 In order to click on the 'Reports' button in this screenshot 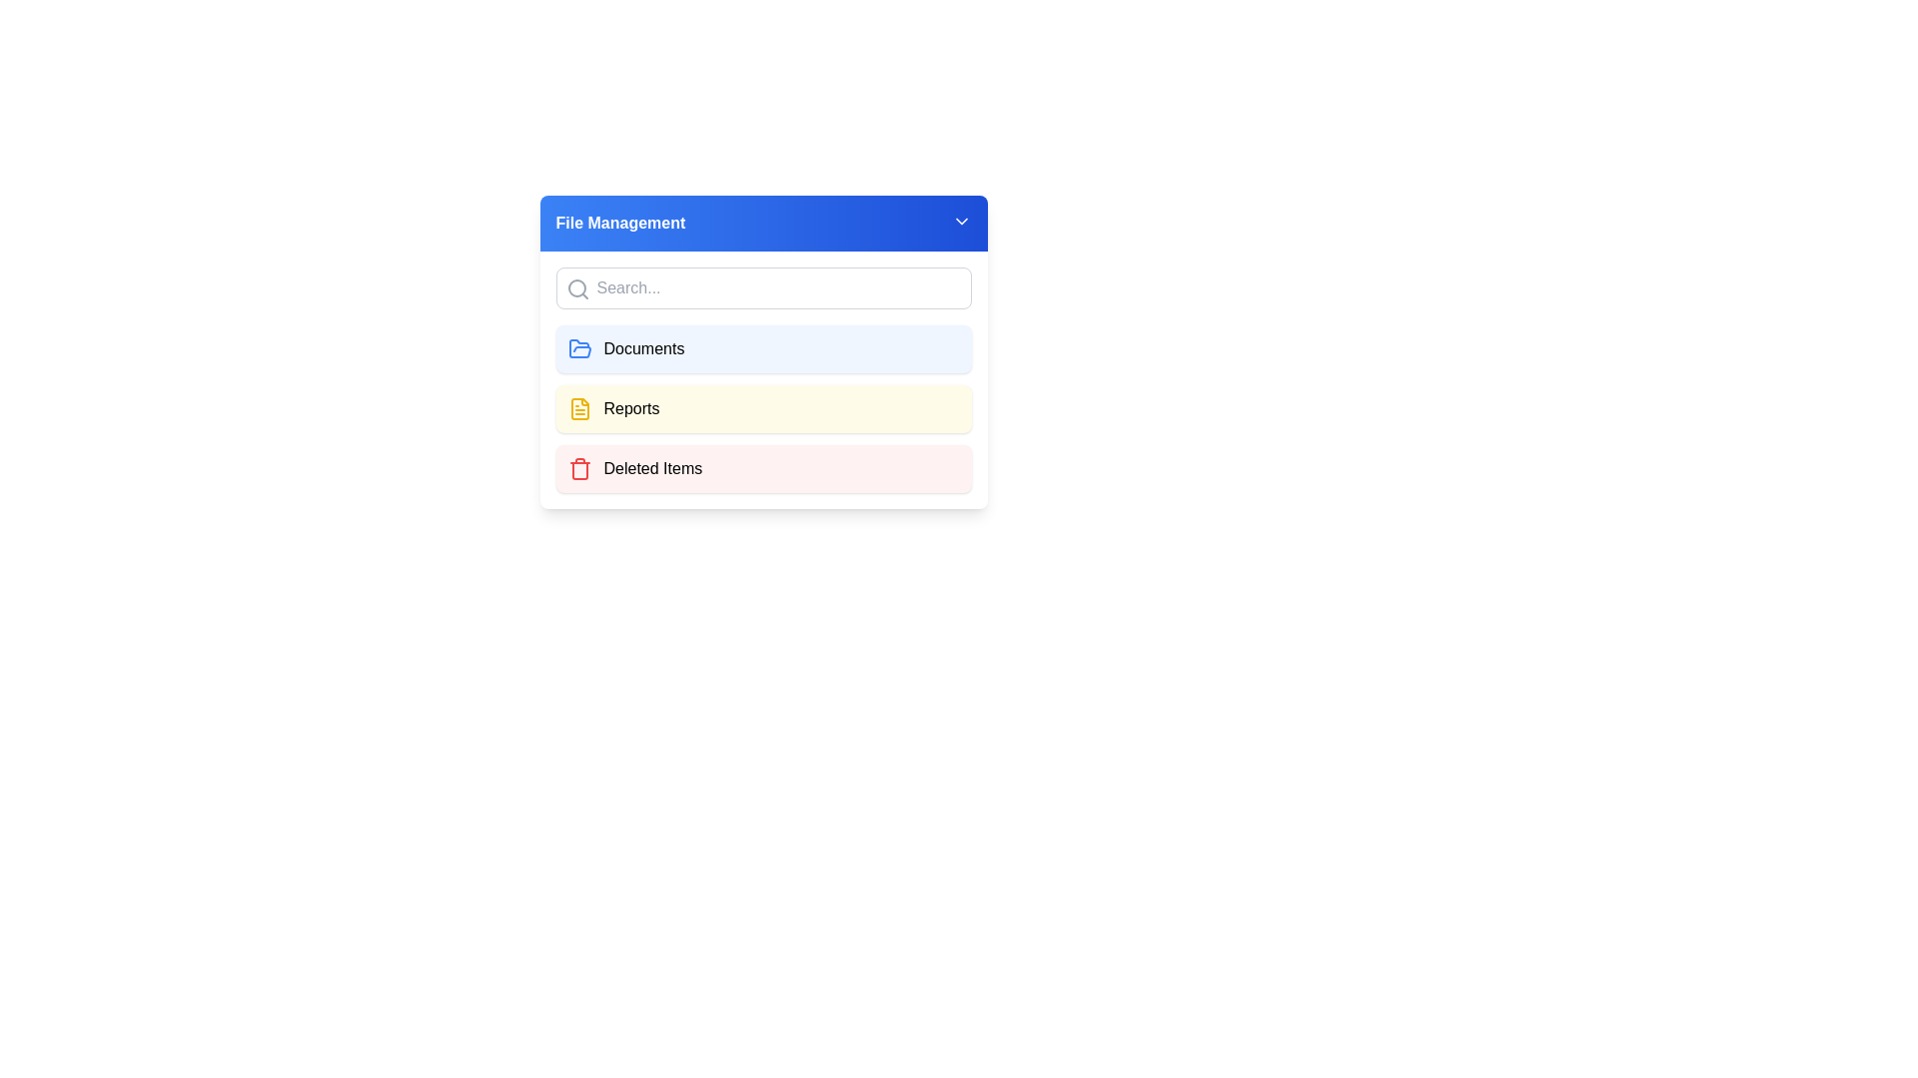, I will do `click(762, 407)`.